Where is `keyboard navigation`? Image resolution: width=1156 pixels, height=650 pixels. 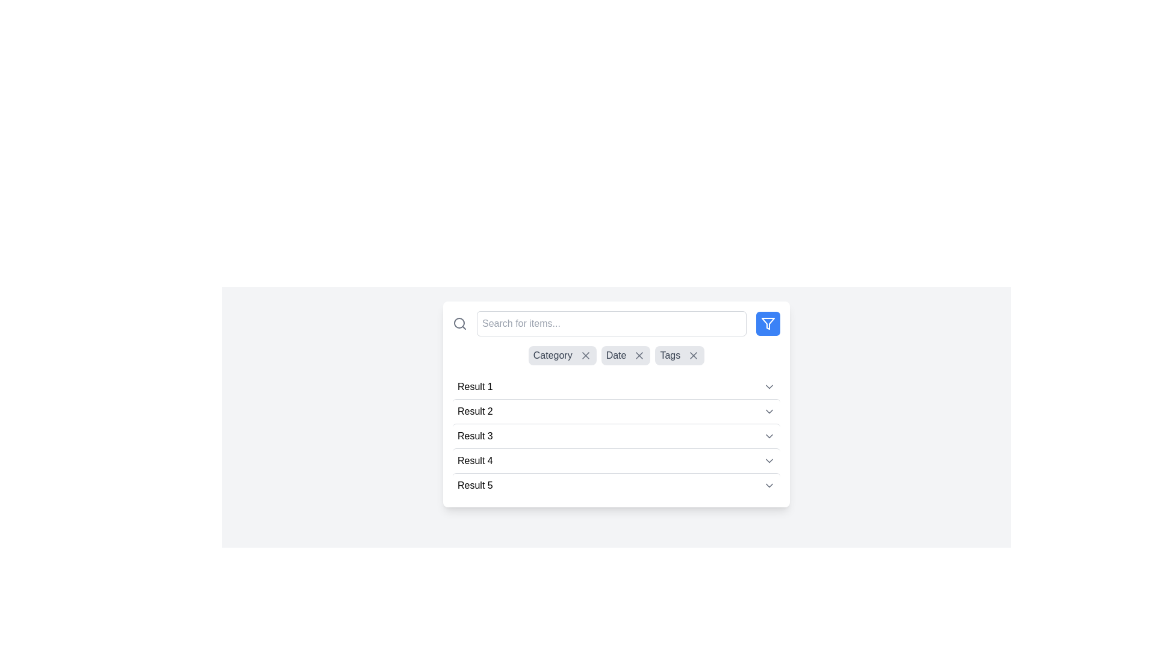
keyboard navigation is located at coordinates (474, 460).